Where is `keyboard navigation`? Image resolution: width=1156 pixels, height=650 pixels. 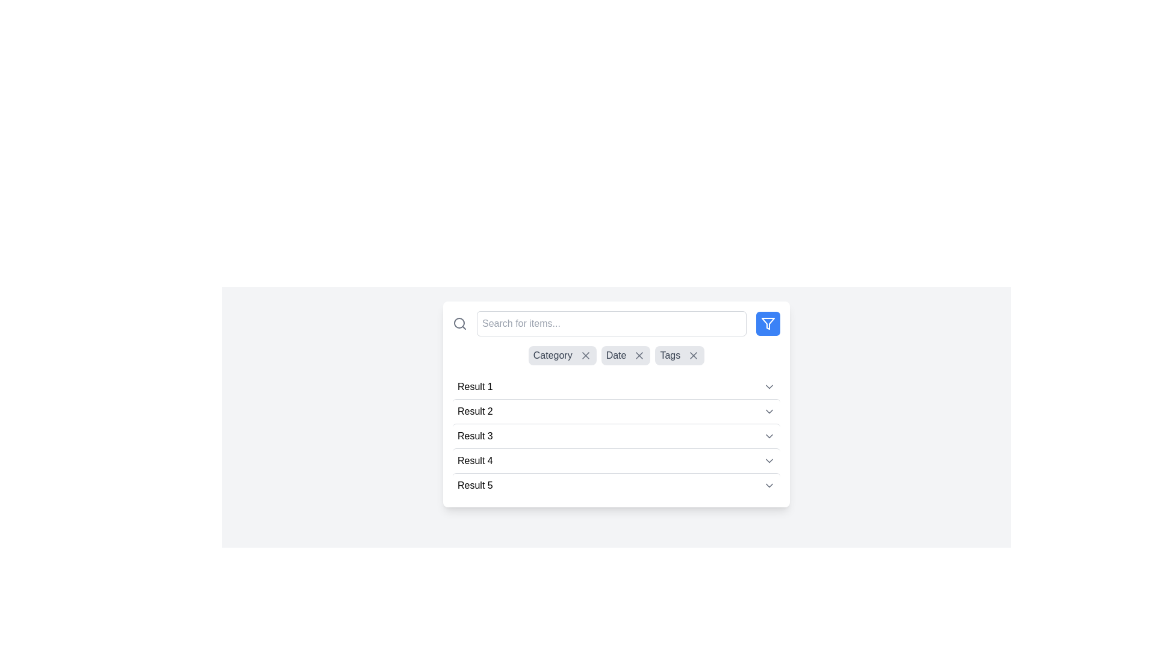
keyboard navigation is located at coordinates (474, 460).